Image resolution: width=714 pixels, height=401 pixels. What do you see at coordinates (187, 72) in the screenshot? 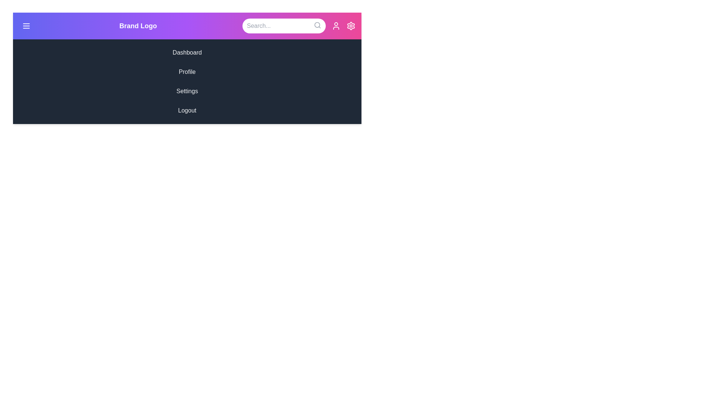
I see `the menu item Profile in the sidebar` at bounding box center [187, 72].